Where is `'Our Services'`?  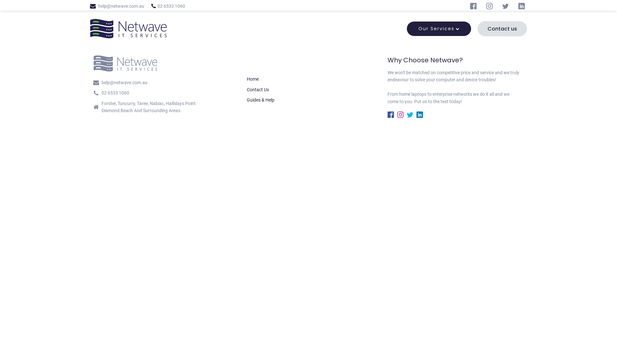 'Our Services' is located at coordinates (439, 28).